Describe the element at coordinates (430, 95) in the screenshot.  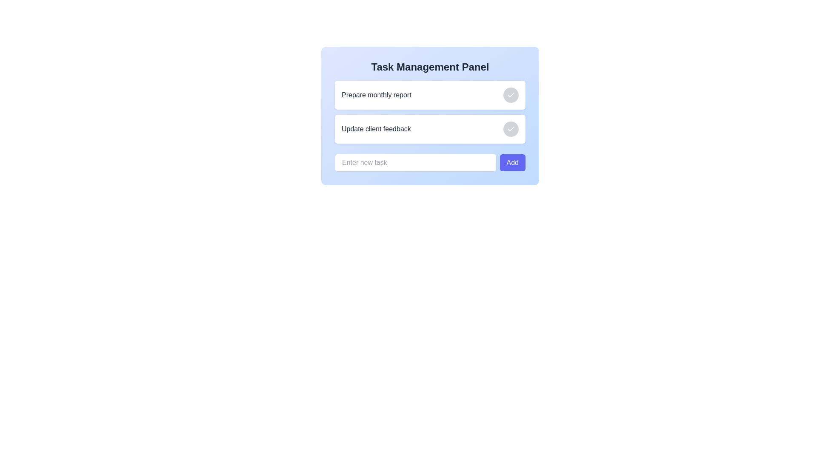
I see `the task entry labeled 'Prepare monthly report' in the Task Management Panel` at that location.